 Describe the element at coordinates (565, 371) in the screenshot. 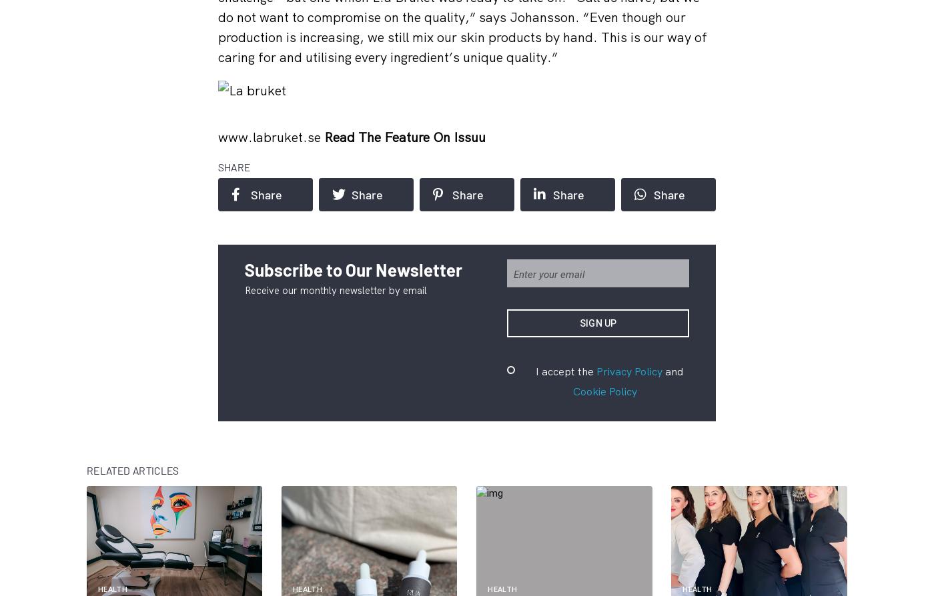

I see `'I accept the'` at that location.